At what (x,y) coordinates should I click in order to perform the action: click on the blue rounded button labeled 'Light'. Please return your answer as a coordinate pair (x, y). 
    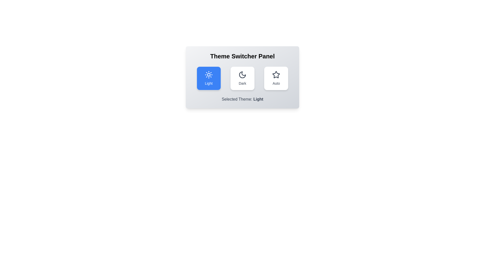
    Looking at the image, I should click on (209, 78).